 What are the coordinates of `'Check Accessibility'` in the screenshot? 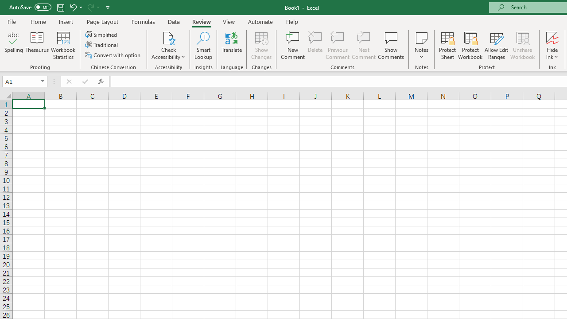 It's located at (168, 46).